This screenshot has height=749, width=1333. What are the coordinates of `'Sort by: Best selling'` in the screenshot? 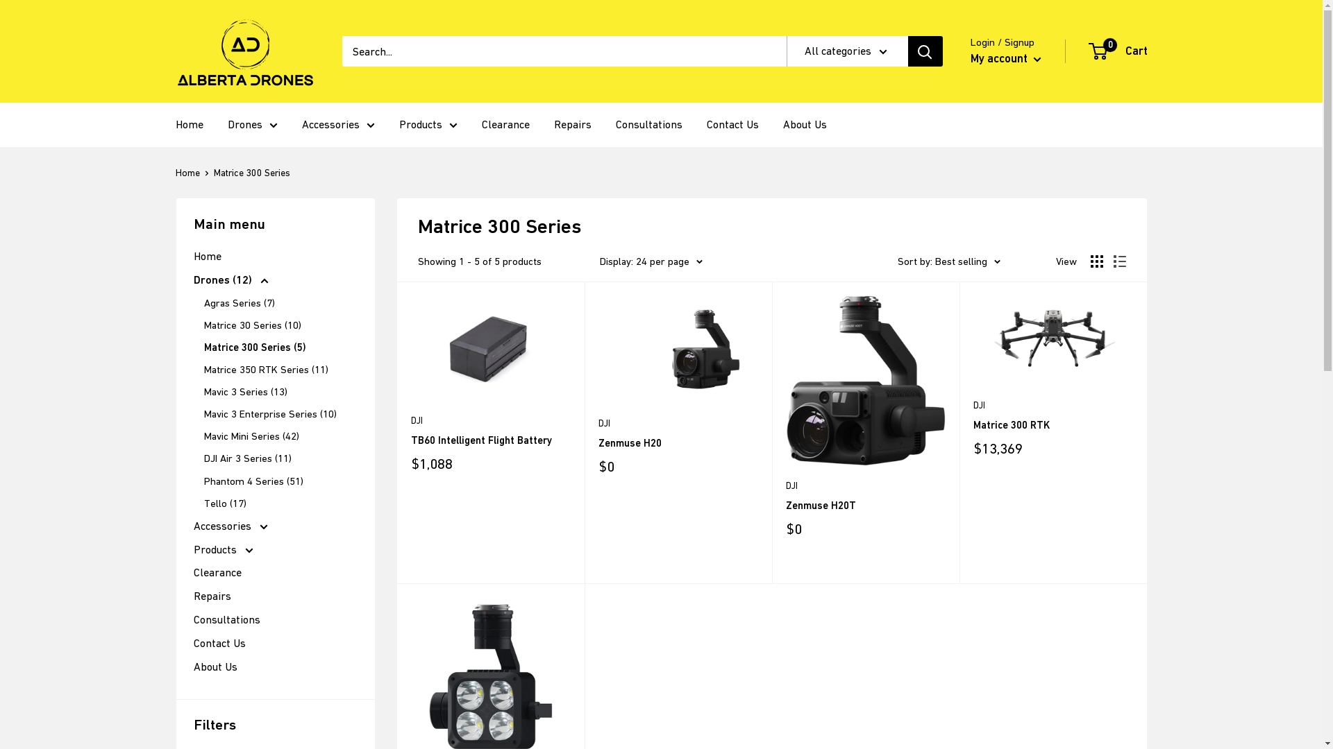 It's located at (948, 261).